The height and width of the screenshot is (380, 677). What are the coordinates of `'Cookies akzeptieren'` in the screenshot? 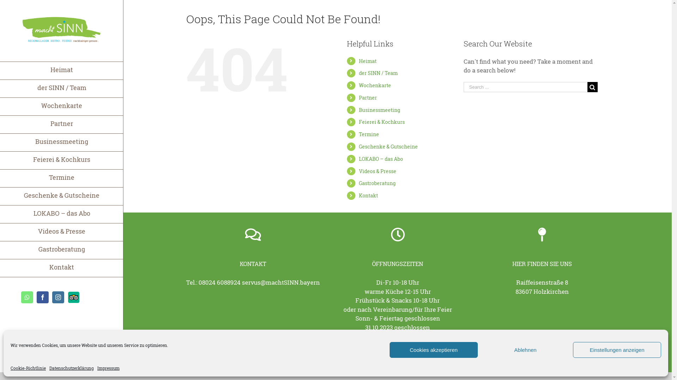 It's located at (433, 350).